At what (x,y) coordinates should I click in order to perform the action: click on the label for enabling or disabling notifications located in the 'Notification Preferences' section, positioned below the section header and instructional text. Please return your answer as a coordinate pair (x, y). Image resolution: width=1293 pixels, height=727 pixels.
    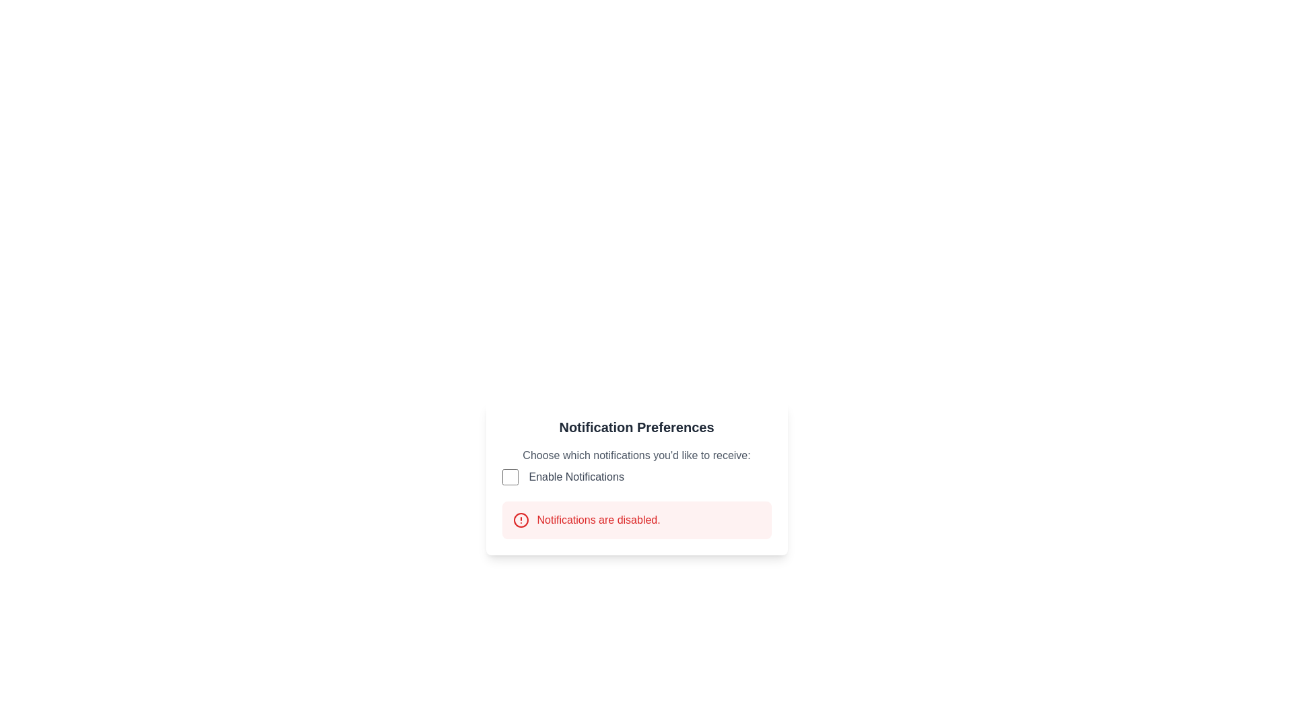
    Looking at the image, I should click on (576, 477).